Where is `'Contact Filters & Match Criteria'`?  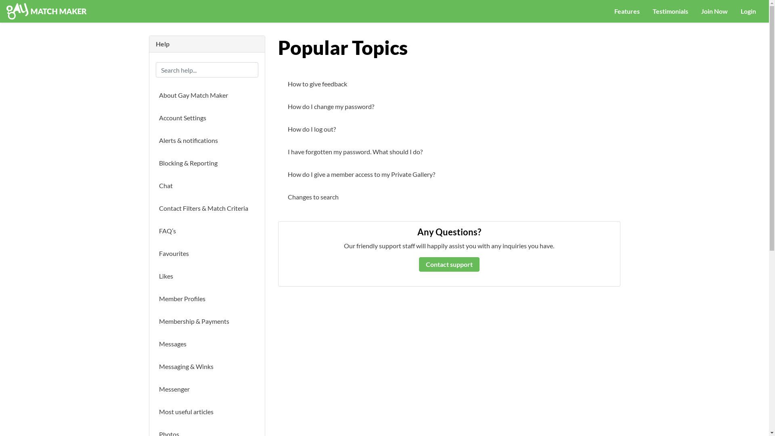
'Contact Filters & Match Criteria' is located at coordinates (155, 208).